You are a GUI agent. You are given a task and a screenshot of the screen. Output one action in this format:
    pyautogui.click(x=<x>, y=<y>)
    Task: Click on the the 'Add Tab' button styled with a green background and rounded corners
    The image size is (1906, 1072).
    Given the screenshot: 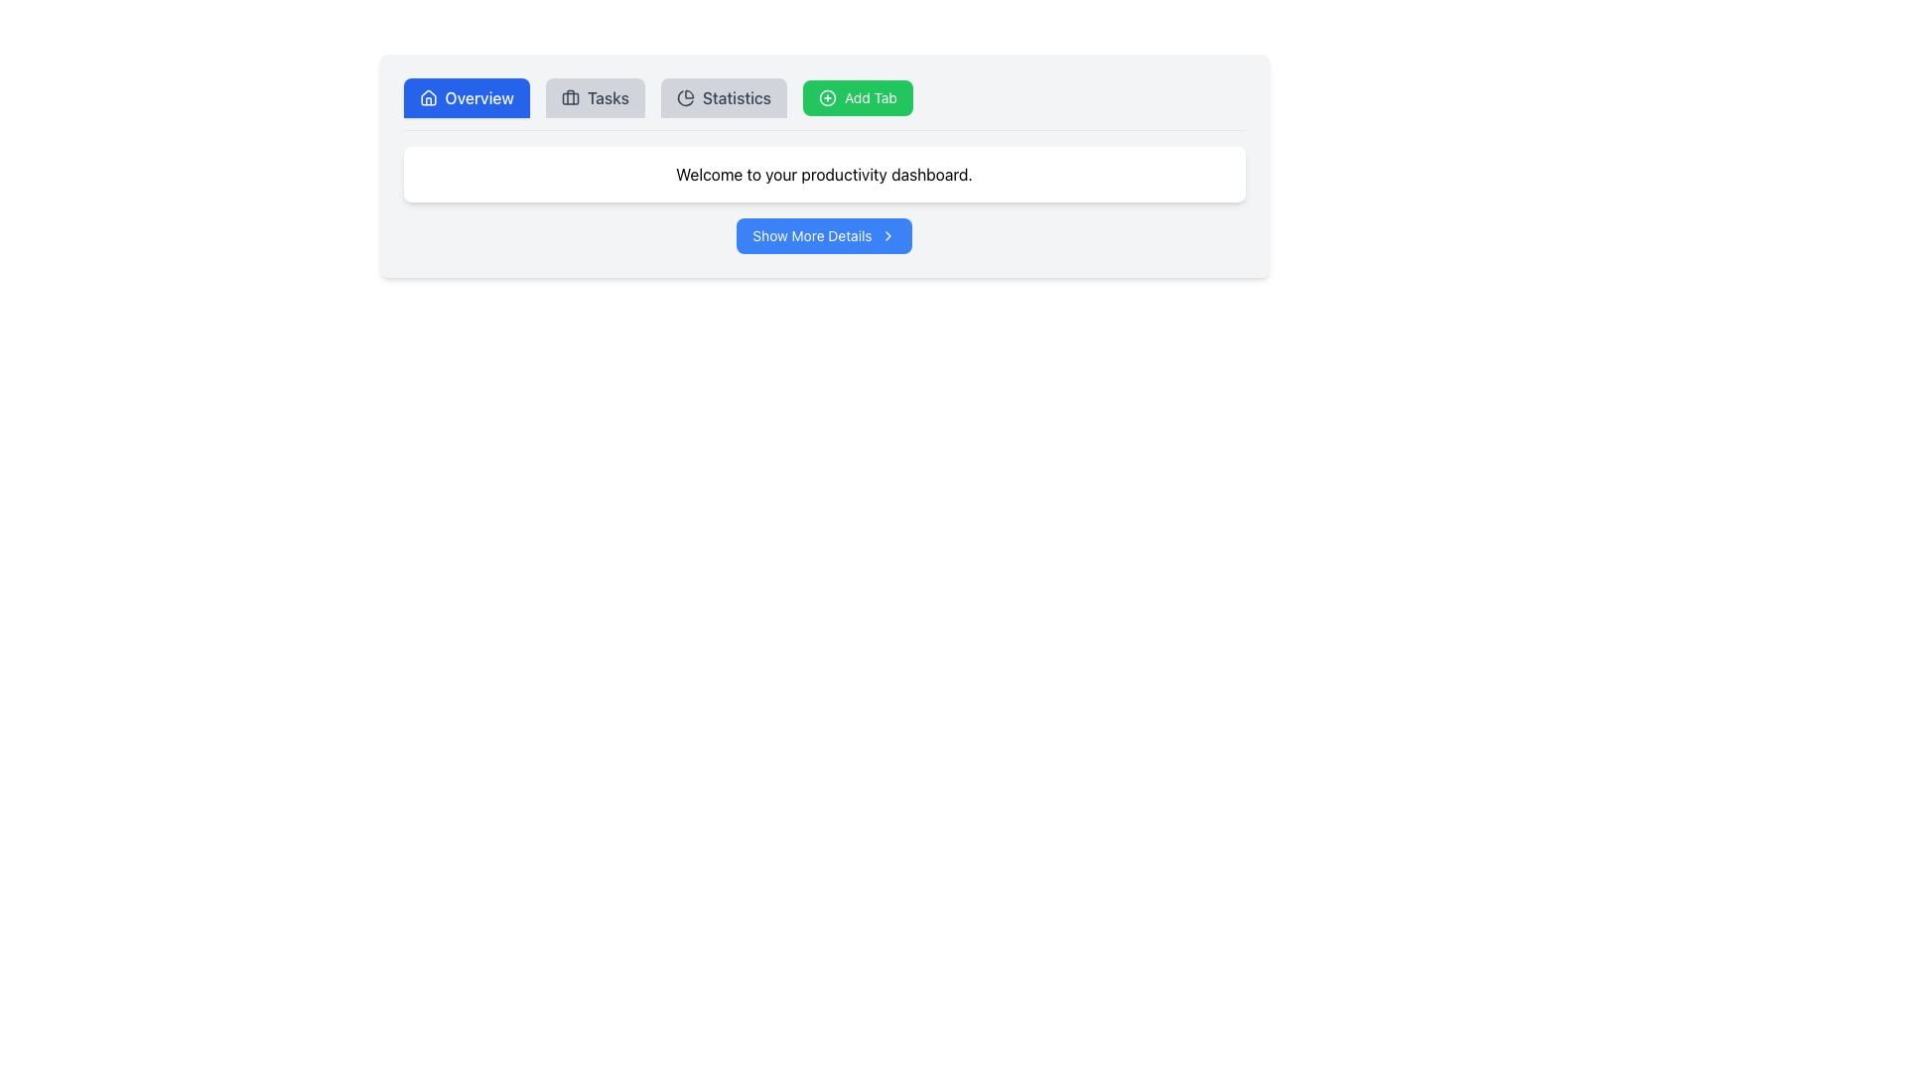 What is the action you would take?
    pyautogui.click(x=858, y=98)
    